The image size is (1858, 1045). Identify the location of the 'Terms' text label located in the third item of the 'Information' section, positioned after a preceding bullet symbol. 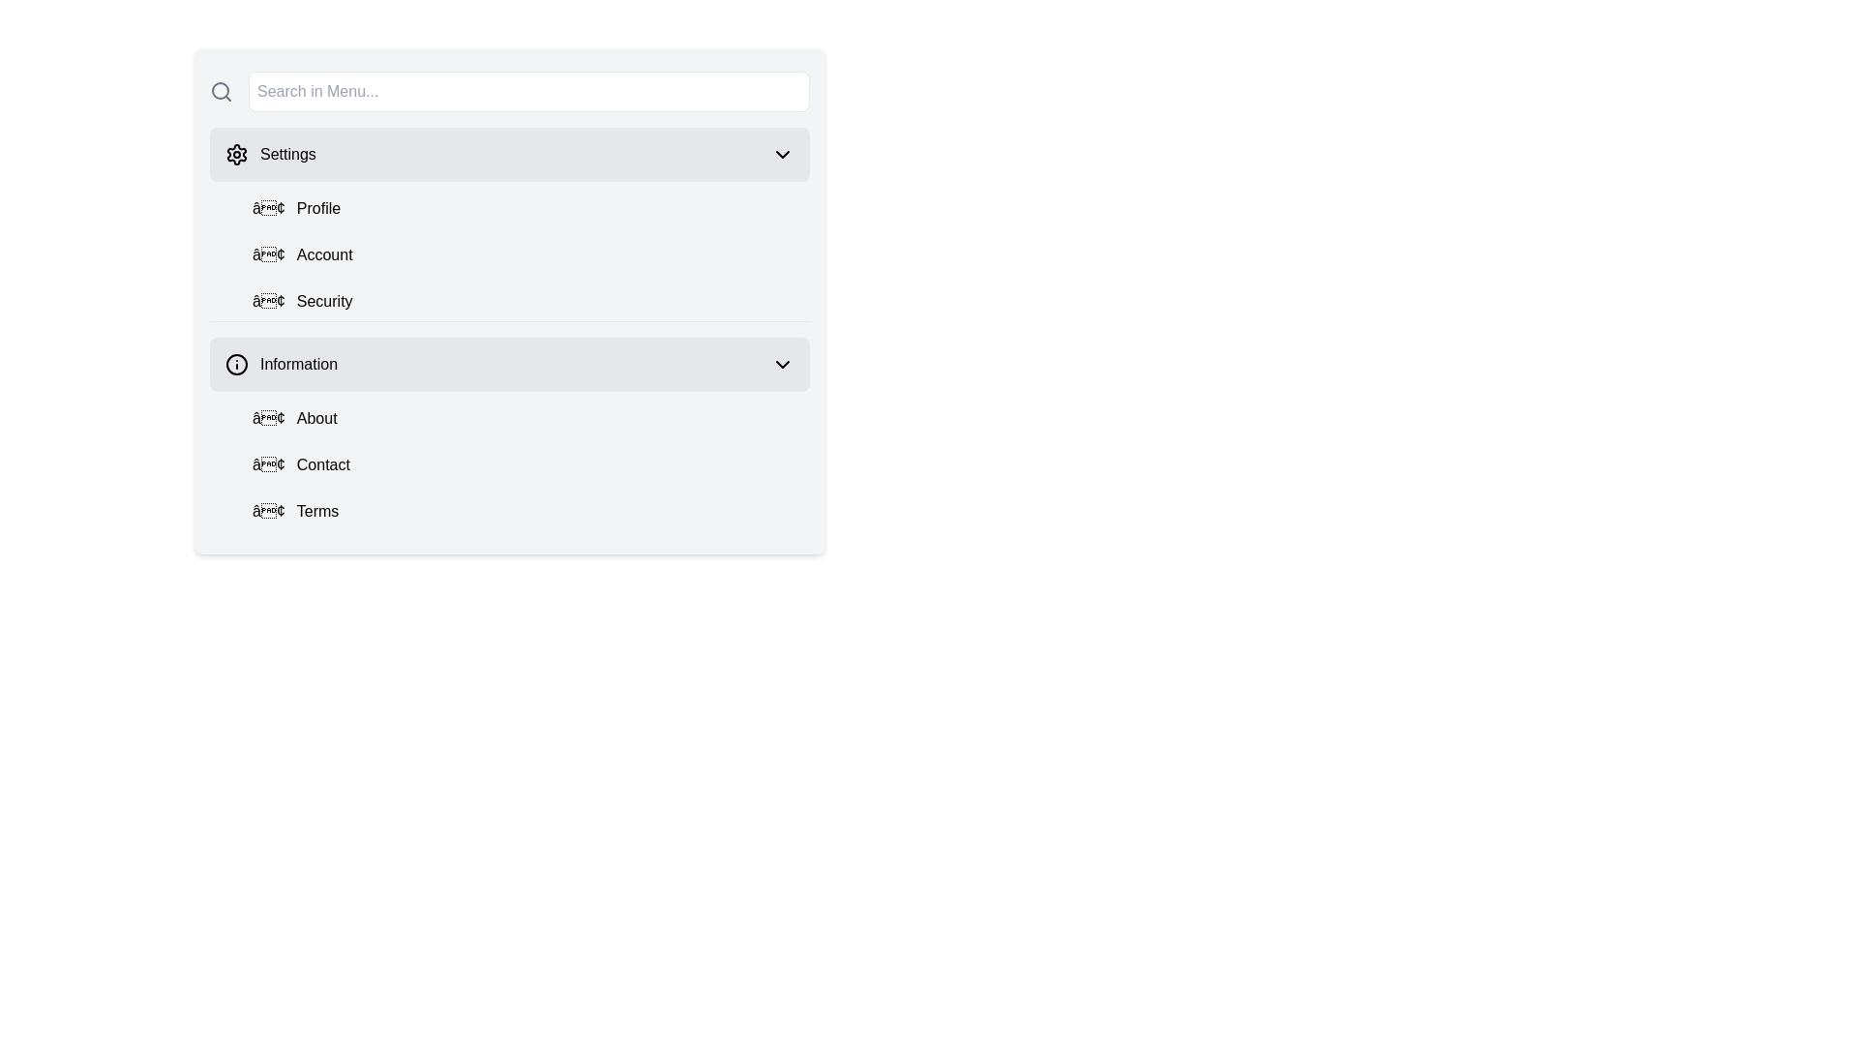
(317, 510).